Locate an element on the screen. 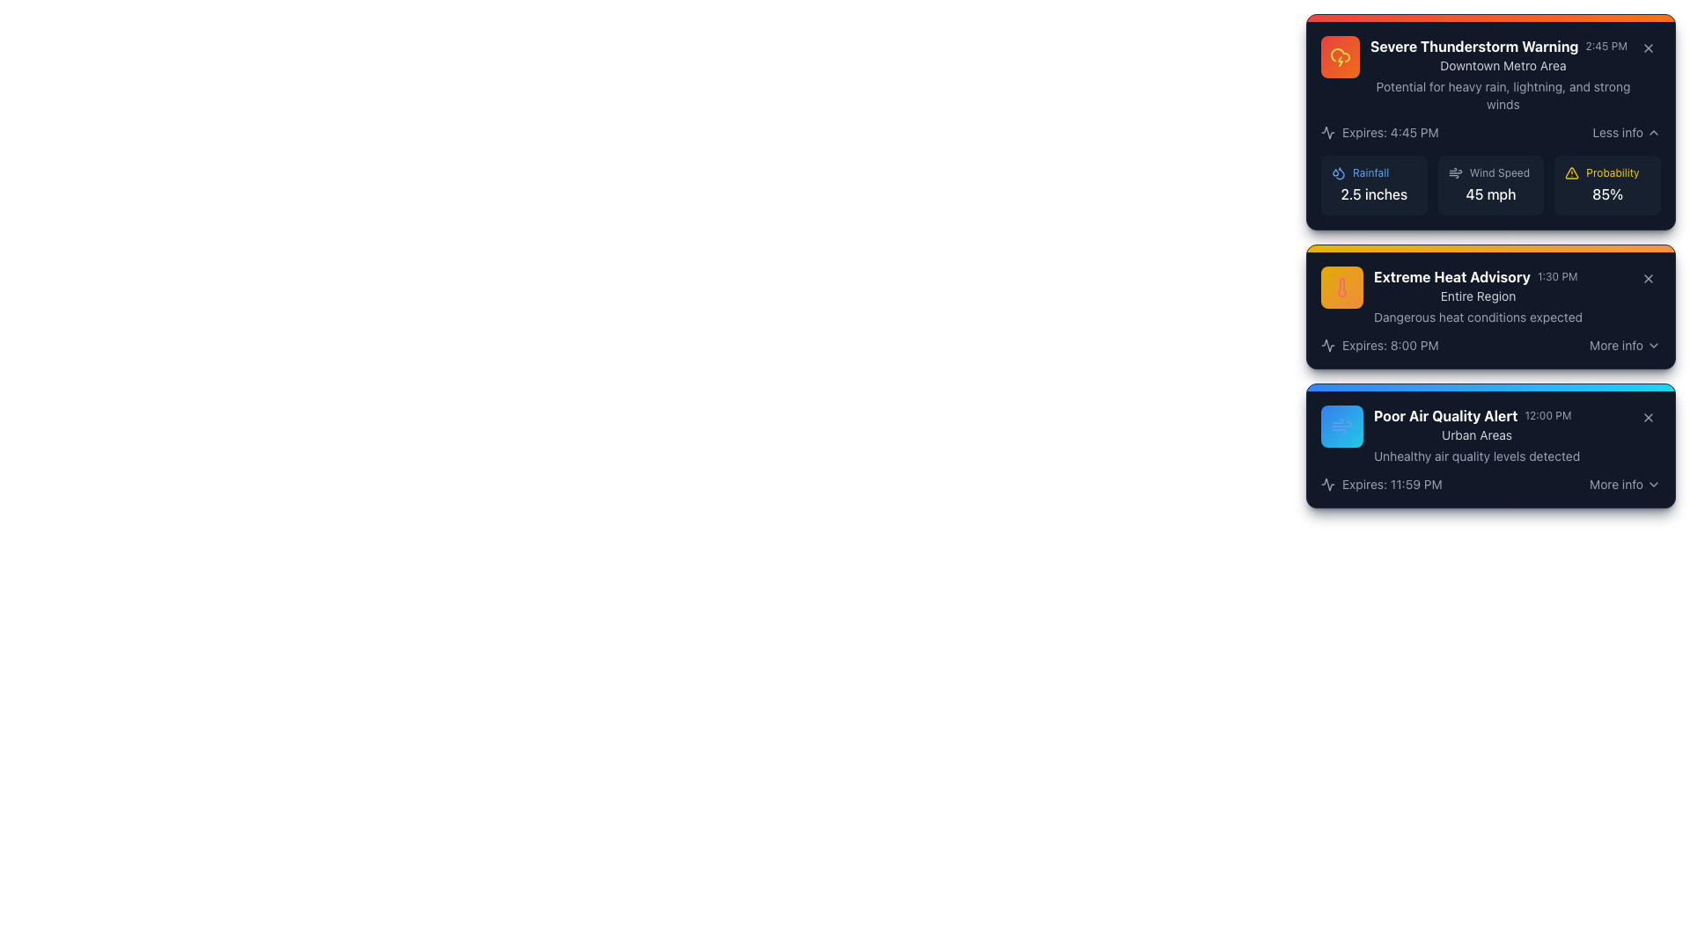  the static text label that provides the time information associated with the 'Poor Air Quality Alert' notification is located at coordinates (1547, 416).